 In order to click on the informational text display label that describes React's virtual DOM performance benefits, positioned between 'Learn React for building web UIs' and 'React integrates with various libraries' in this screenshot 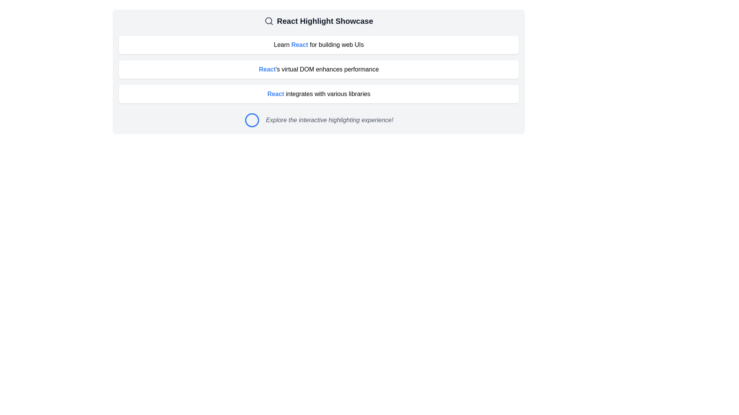, I will do `click(319, 69)`.